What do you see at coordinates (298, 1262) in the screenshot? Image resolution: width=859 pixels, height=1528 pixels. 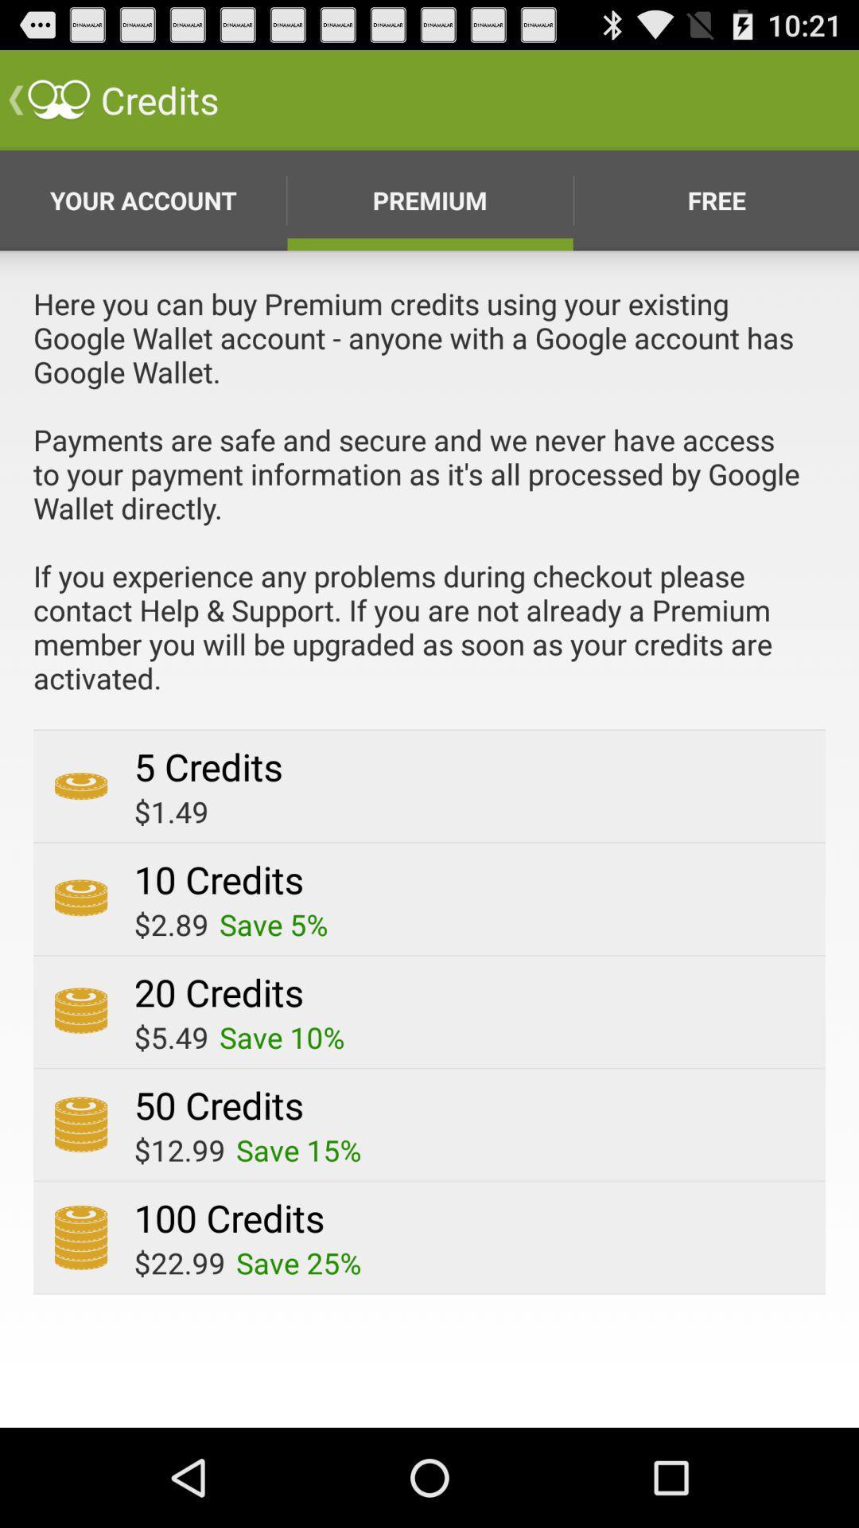 I see `app below the 100 credits` at bounding box center [298, 1262].